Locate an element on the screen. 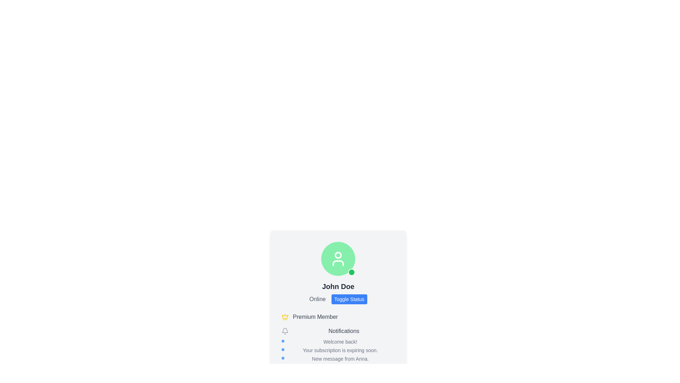  the Information Panel located below the user display name 'John Doe' to read the notifications is located at coordinates (338, 337).